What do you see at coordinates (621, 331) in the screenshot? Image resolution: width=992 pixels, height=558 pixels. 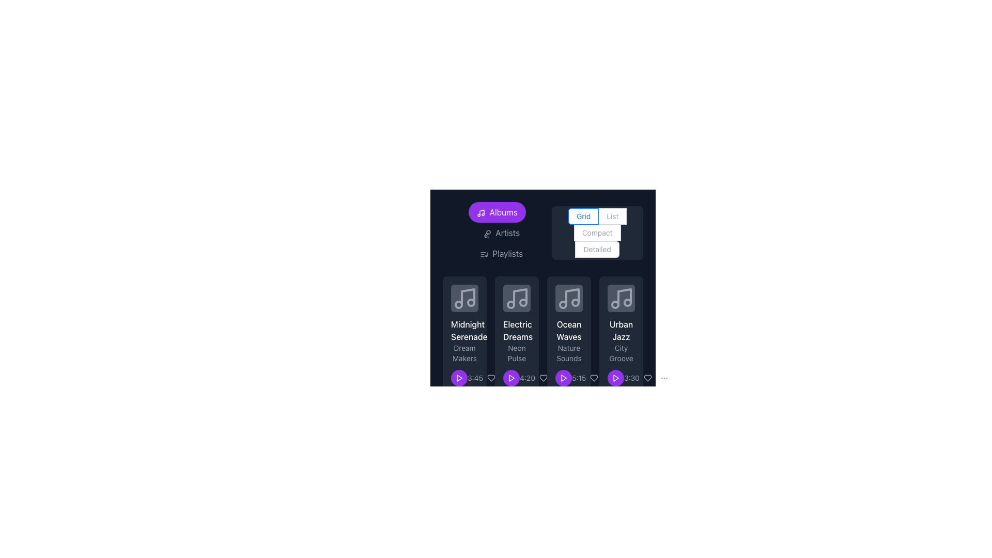 I see `static text label that says 'Urban Jazz', which is displayed in white color with a medium-weight font located in the fourth card of music listings` at bounding box center [621, 331].